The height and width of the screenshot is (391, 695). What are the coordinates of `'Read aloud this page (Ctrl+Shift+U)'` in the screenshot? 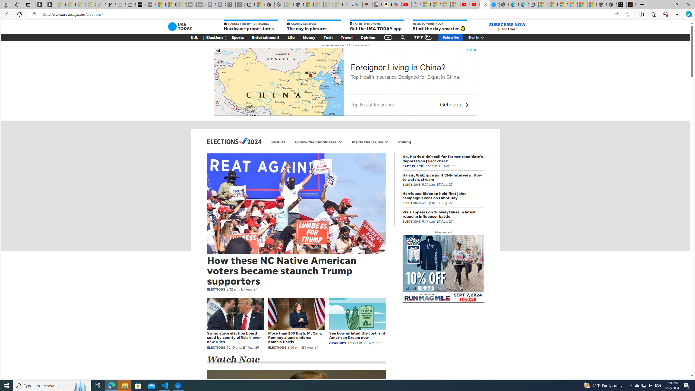 It's located at (616, 14).